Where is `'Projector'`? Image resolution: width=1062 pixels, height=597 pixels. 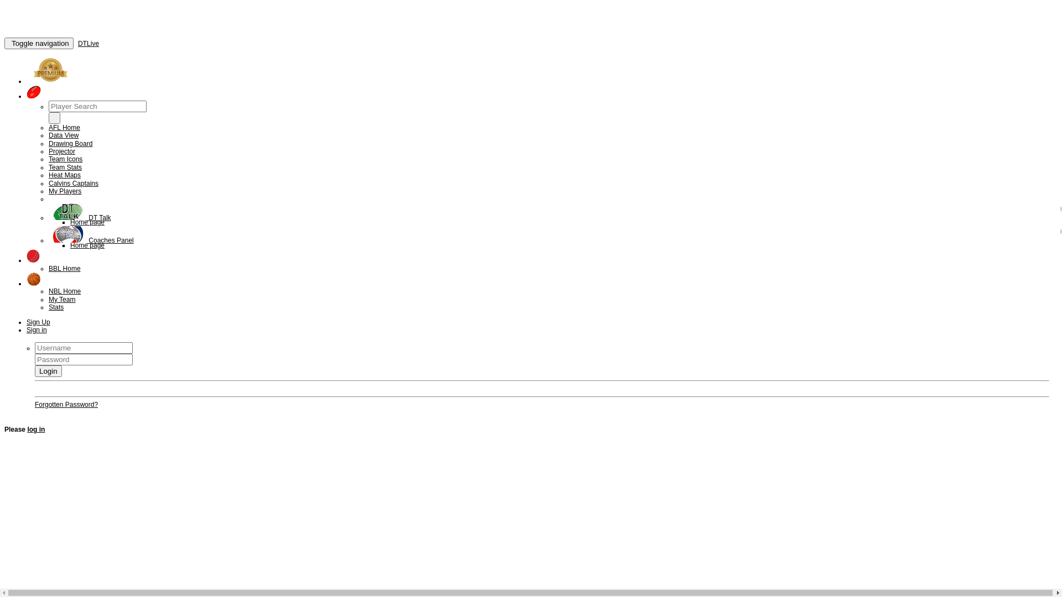
'Projector' is located at coordinates (61, 151).